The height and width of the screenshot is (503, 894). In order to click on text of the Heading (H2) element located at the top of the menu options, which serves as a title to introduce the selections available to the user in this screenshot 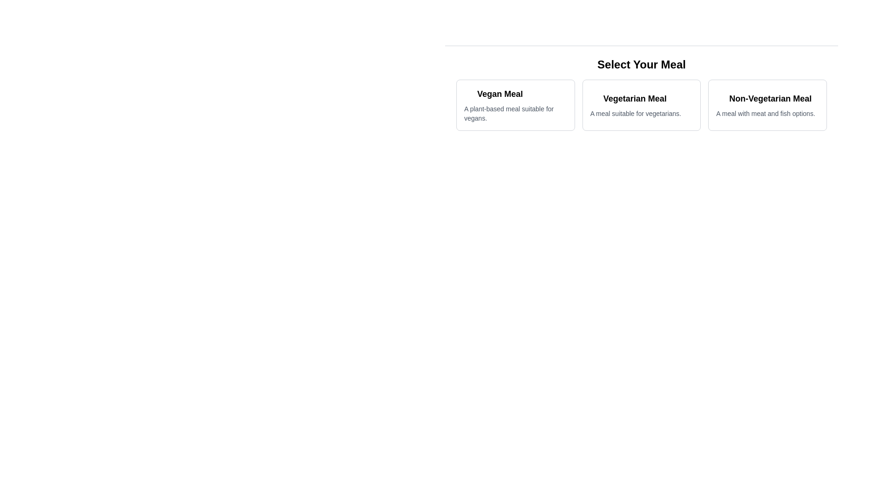, I will do `click(641, 64)`.